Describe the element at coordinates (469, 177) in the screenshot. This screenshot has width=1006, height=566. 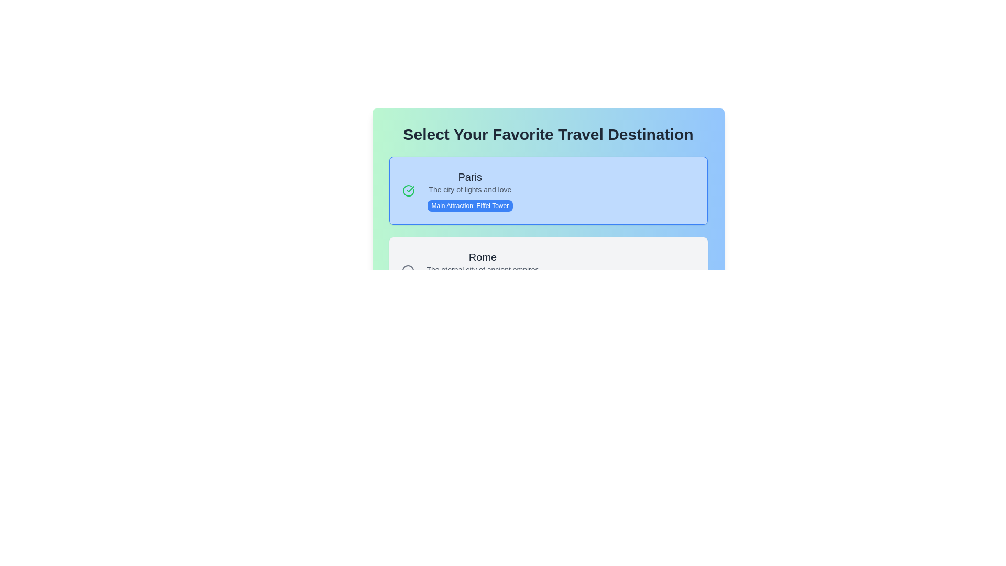
I see `the informational text label that specifies the travel destination 'Paris', positioned above the texts 'The city of lights and love' and 'Main attraction: Eiffel Tower'` at that location.